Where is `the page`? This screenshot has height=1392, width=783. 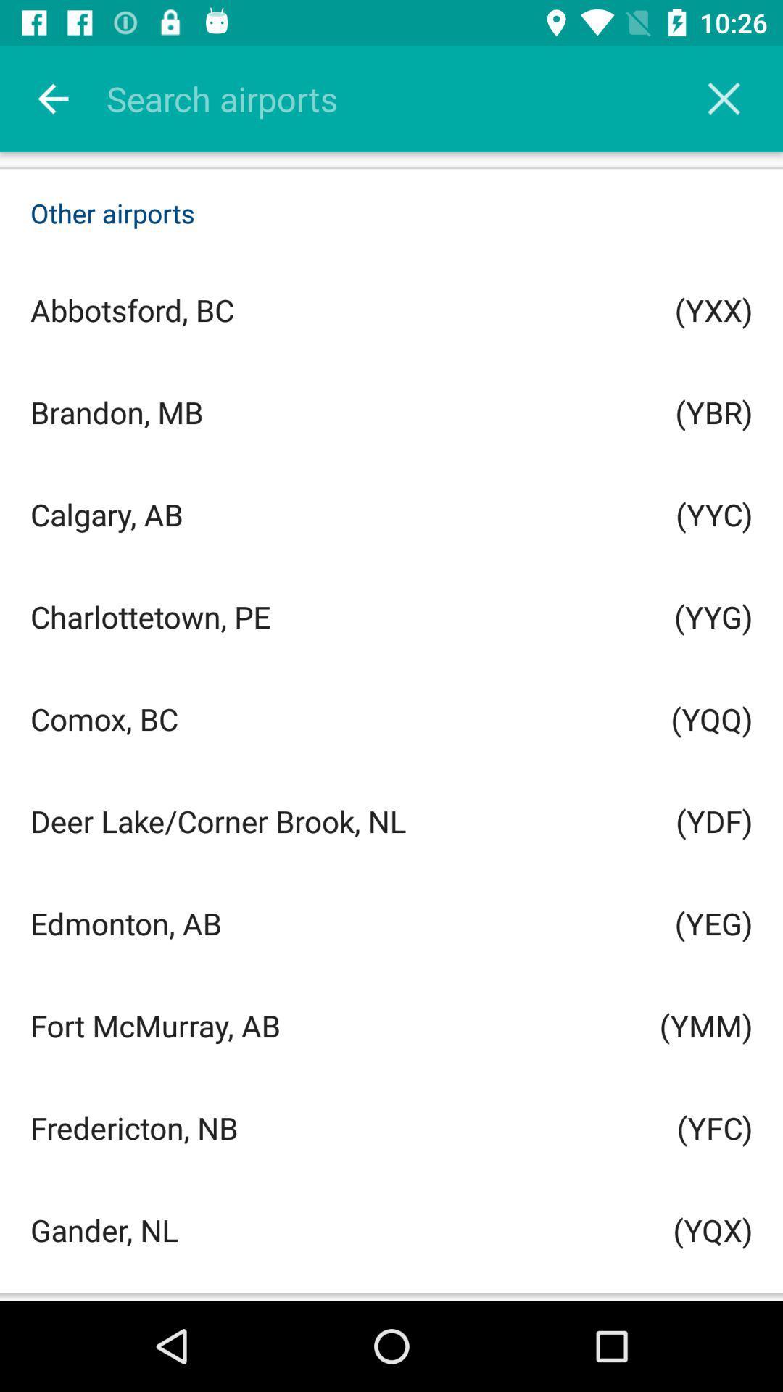 the page is located at coordinates (724, 98).